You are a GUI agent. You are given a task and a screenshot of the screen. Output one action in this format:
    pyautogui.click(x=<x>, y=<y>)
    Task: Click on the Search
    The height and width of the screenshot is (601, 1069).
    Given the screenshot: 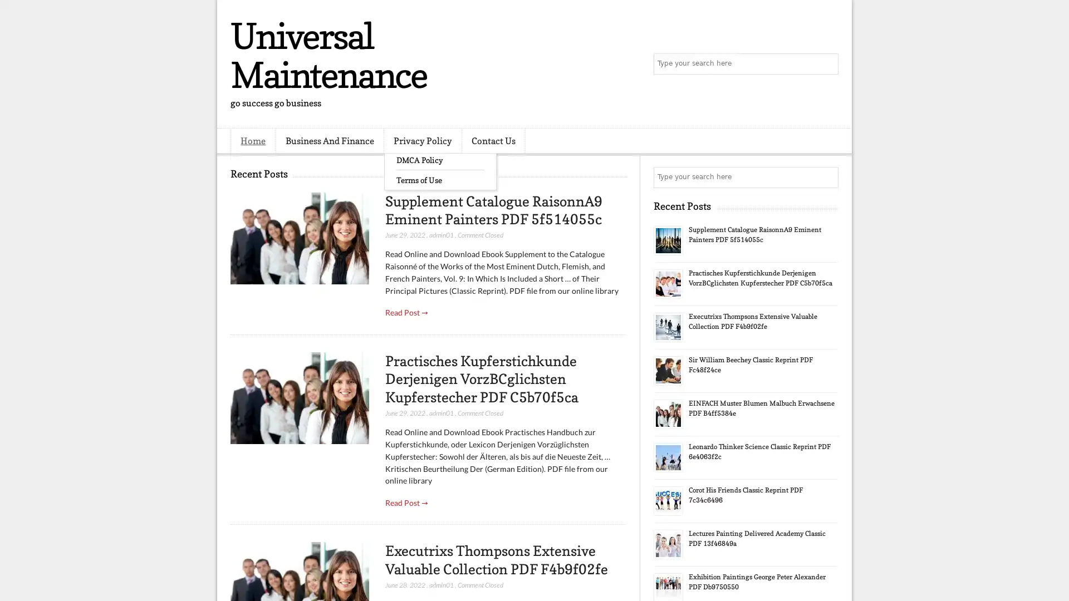 What is the action you would take?
    pyautogui.click(x=827, y=64)
    